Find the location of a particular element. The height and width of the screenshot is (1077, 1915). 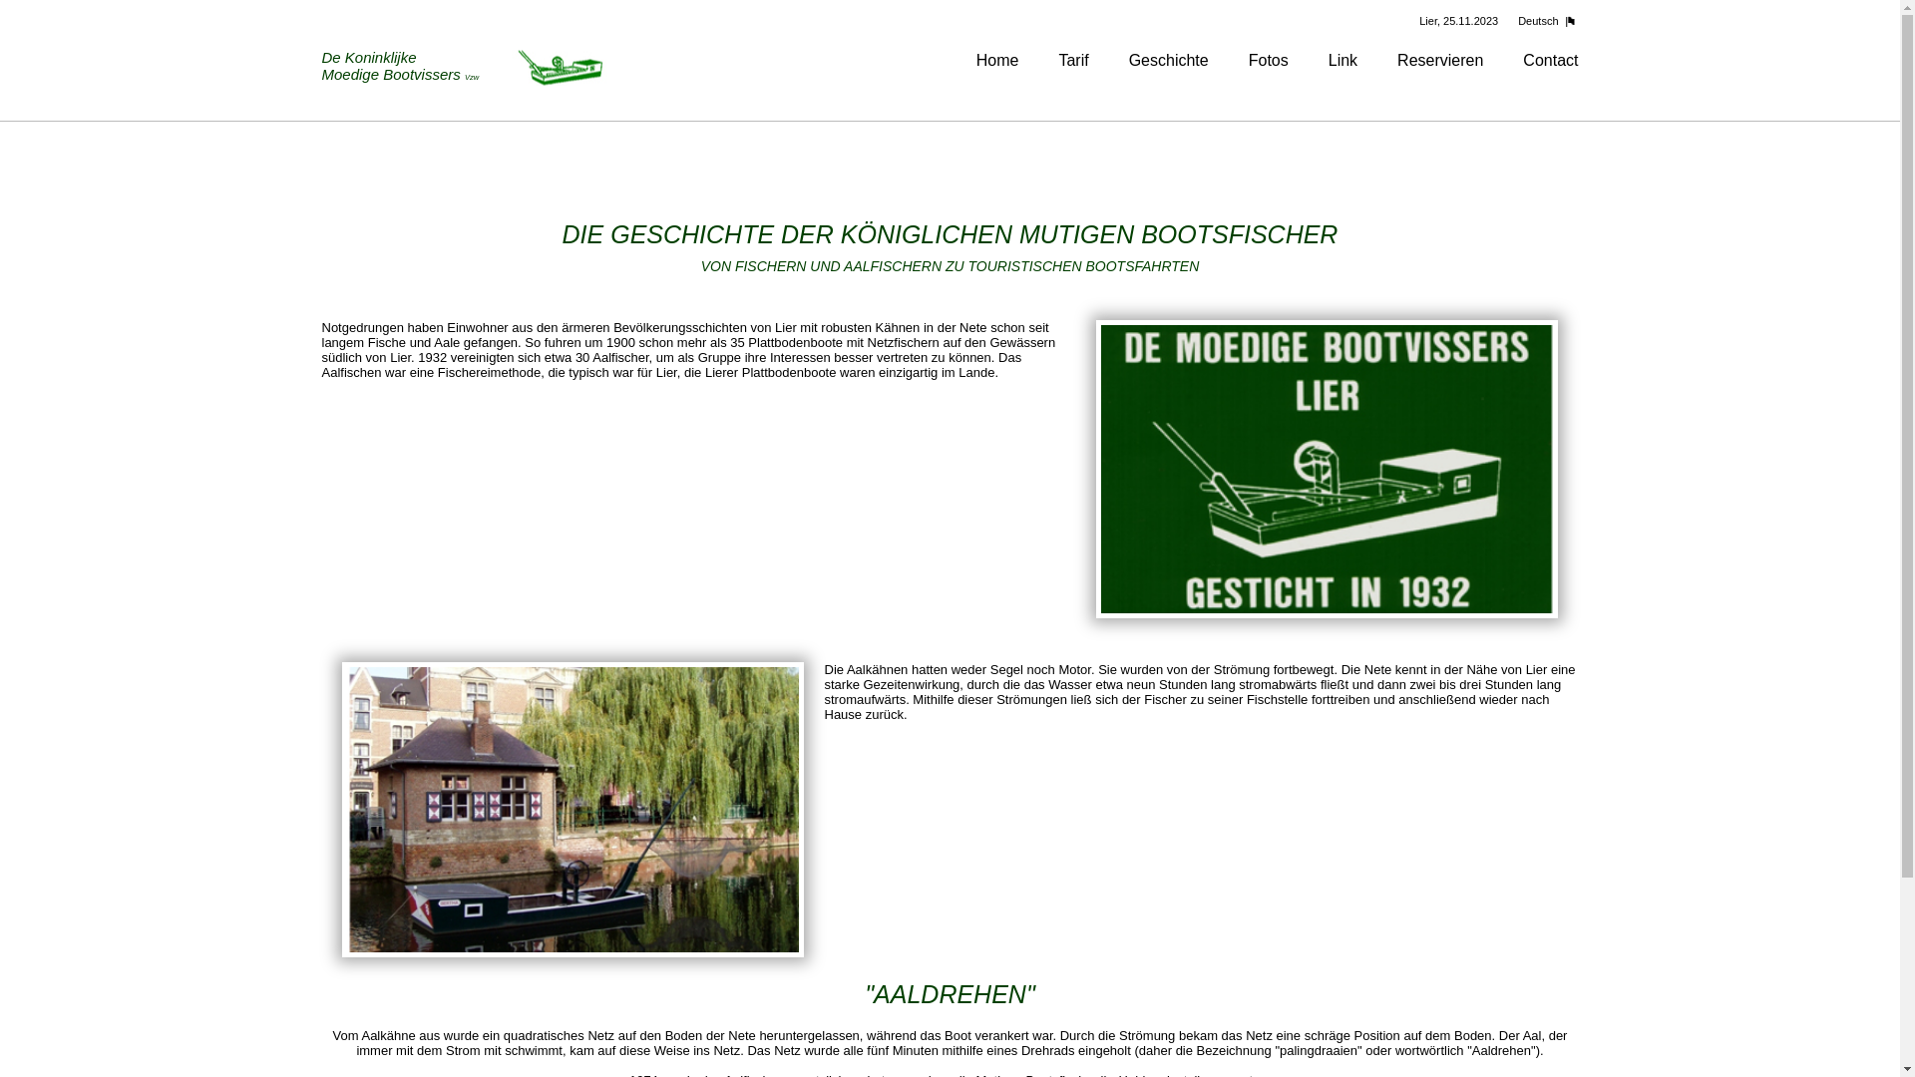

'Fotos' is located at coordinates (1268, 59).